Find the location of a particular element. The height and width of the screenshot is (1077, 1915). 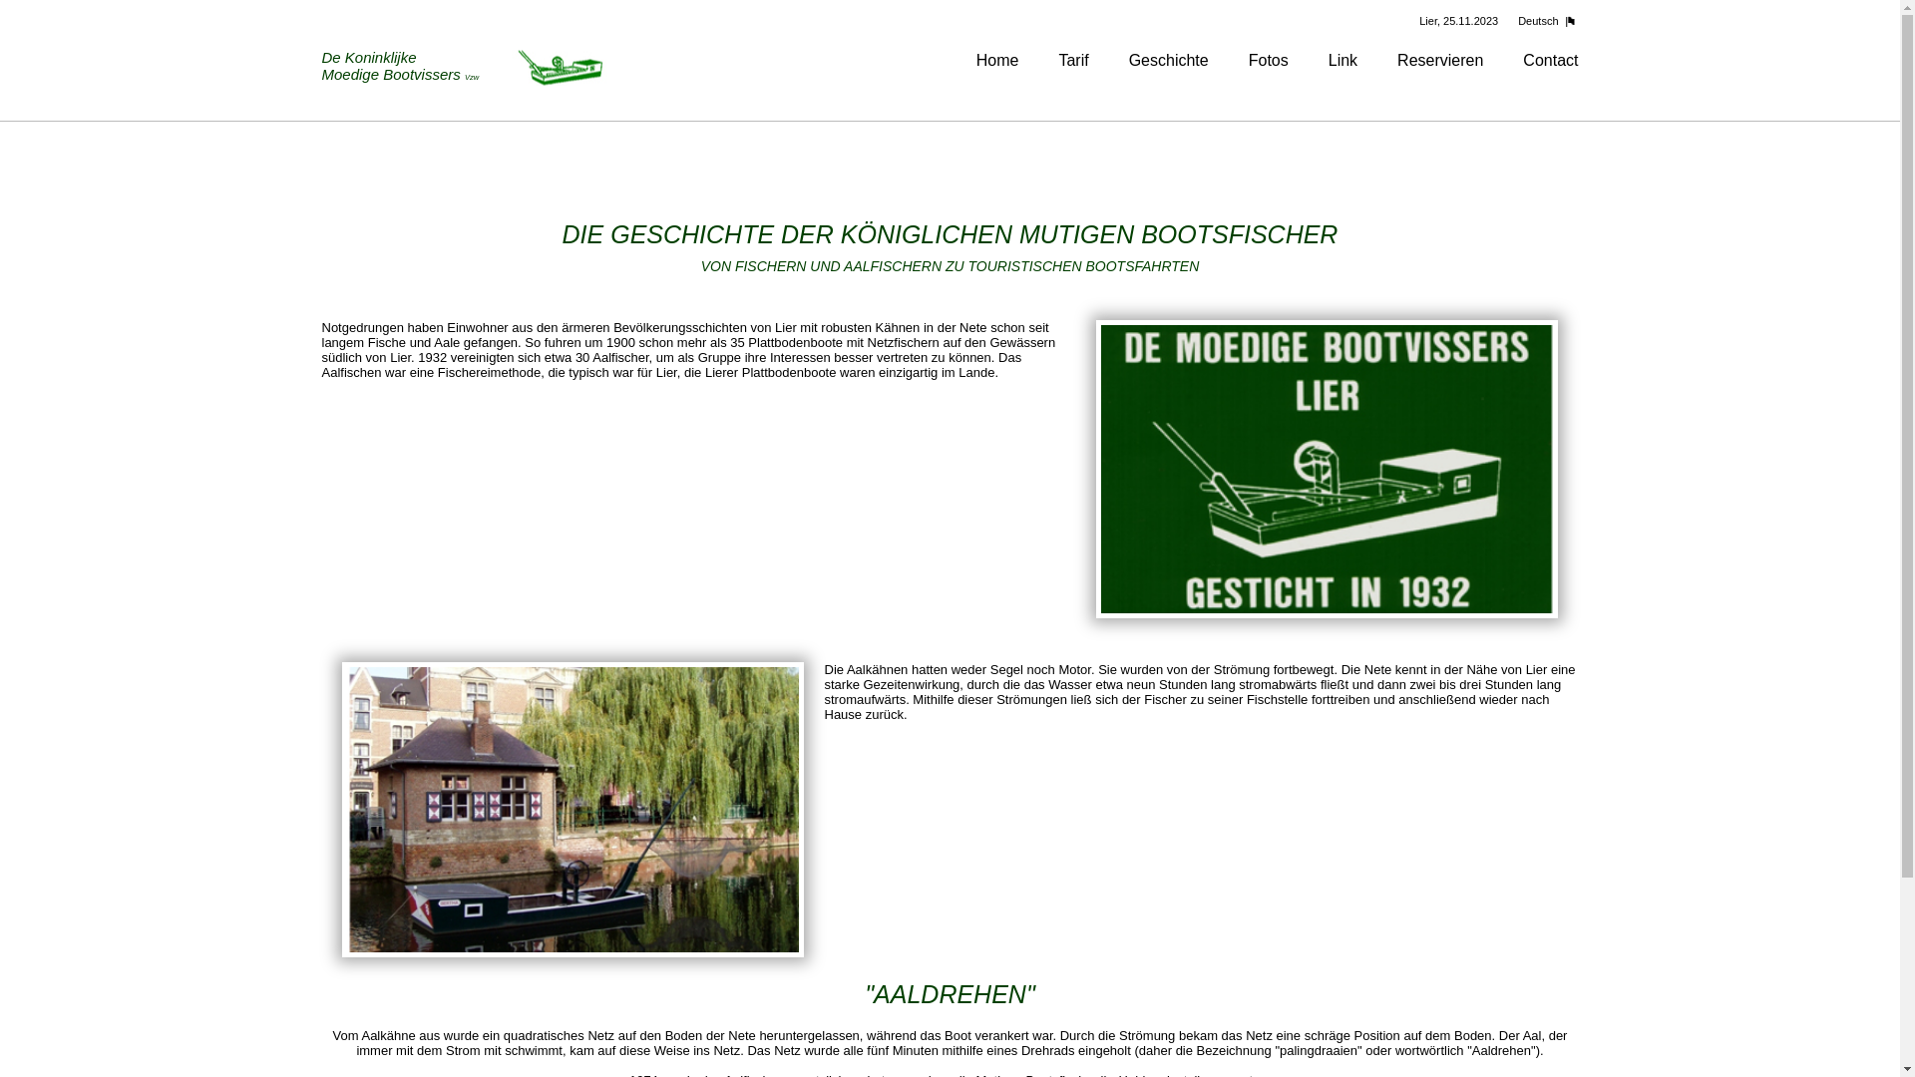

'Fotos' is located at coordinates (1268, 59).